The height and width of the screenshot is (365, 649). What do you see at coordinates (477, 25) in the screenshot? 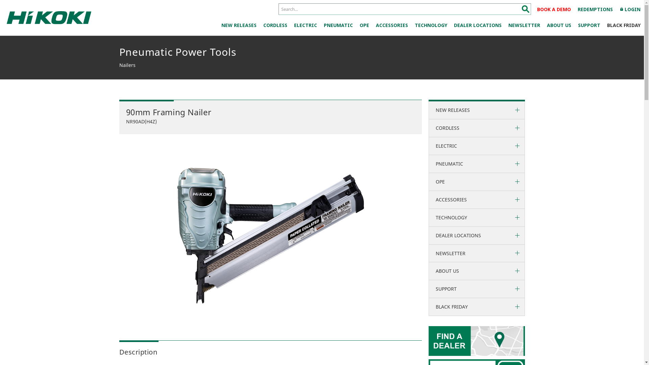
I see `'DEALER LOCATIONS'` at bounding box center [477, 25].